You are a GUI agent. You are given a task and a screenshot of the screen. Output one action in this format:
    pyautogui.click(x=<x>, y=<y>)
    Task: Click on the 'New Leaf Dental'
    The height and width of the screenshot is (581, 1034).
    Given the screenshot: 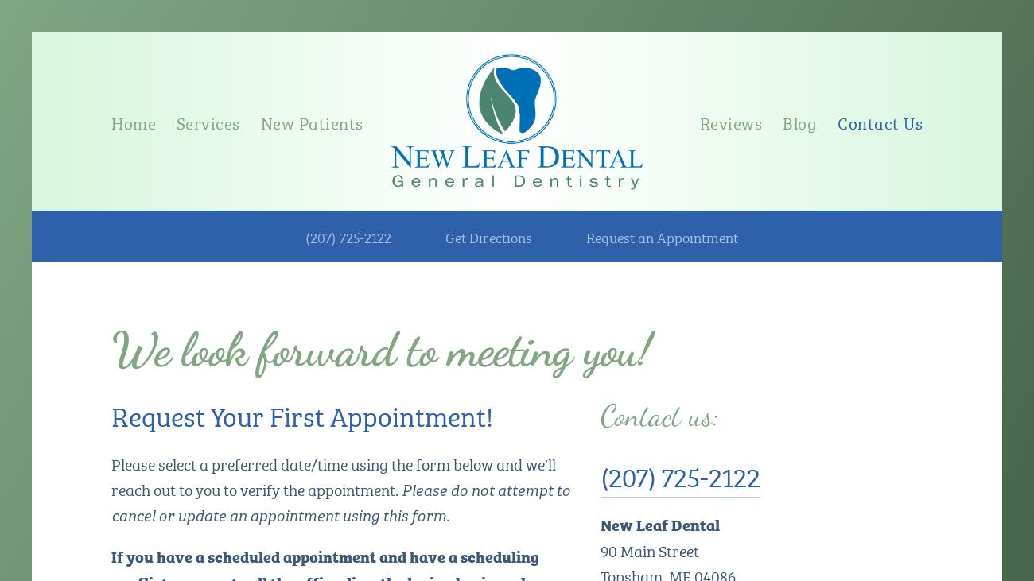 What is the action you would take?
    pyautogui.click(x=659, y=523)
    